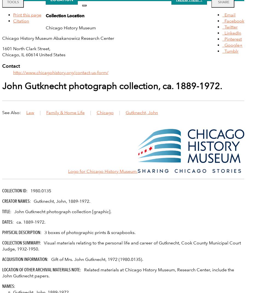  What do you see at coordinates (65, 112) in the screenshot?
I see `'Family & Home Life'` at bounding box center [65, 112].